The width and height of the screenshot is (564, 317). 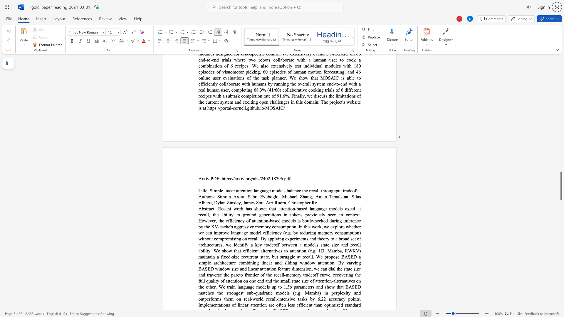 I want to click on the scrollbar to move the view up, so click(x=561, y=193).